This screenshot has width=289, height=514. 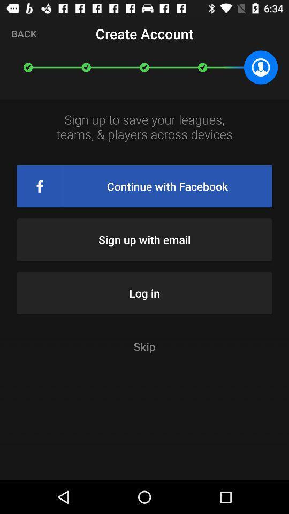 What do you see at coordinates (144, 346) in the screenshot?
I see `skip item` at bounding box center [144, 346].